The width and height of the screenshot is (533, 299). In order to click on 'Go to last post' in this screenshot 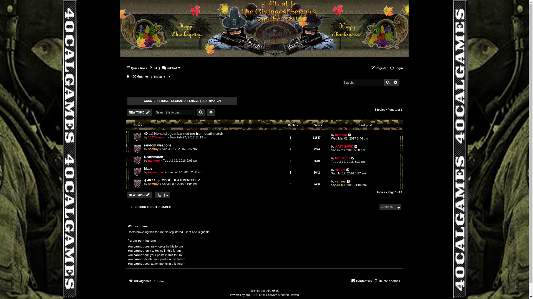, I will do `click(346, 169)`.